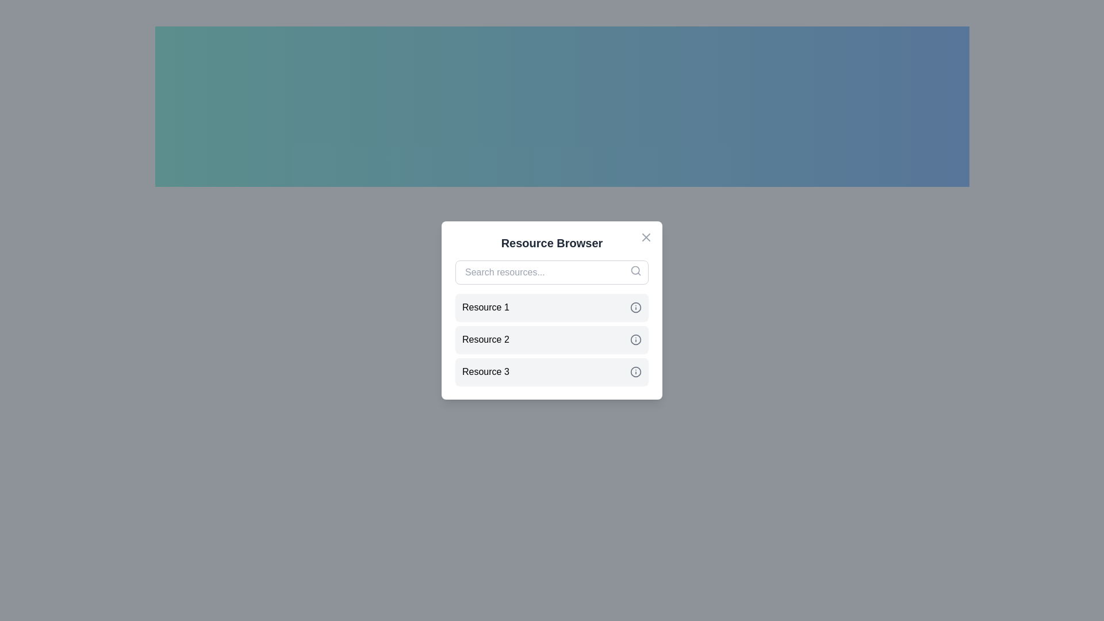 This screenshot has width=1104, height=621. What do you see at coordinates (635, 372) in the screenshot?
I see `the circular graphic icon associated with 'Resource 3' in the 'Resource Browser' panel` at bounding box center [635, 372].